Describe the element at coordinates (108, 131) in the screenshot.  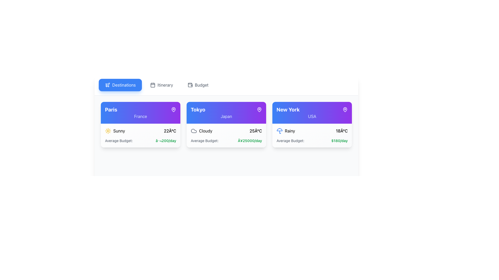
I see `the 'Sunny' weather icon located in the weather information section of the card for 'Paris, France', positioned` at that location.